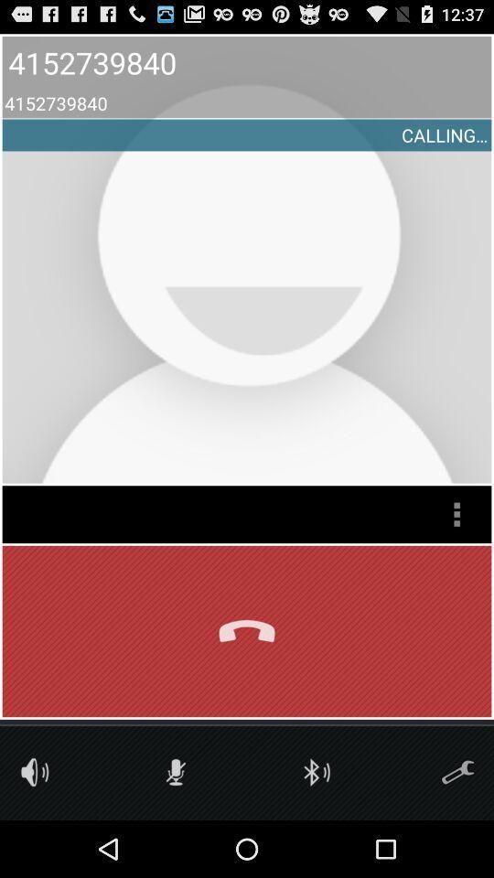 This screenshot has width=494, height=878. What do you see at coordinates (456, 771) in the screenshot?
I see `settings` at bounding box center [456, 771].